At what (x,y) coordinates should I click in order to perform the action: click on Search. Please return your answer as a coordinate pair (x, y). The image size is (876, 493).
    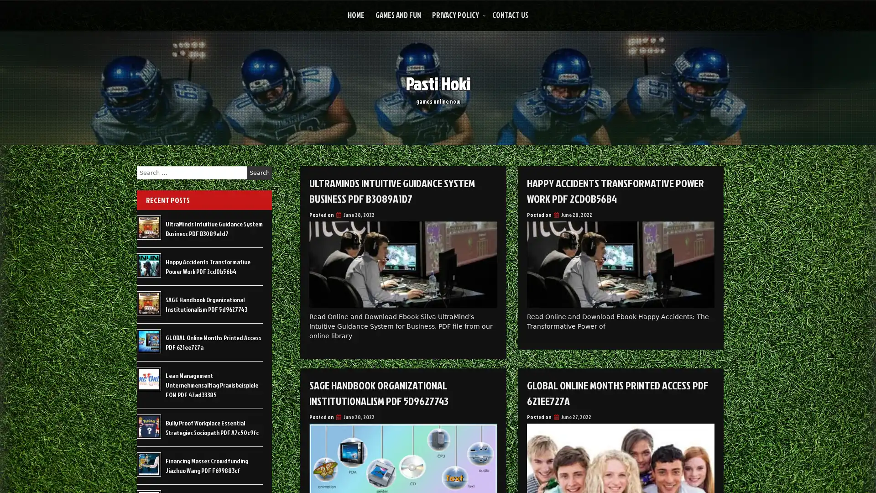
    Looking at the image, I should click on (259, 173).